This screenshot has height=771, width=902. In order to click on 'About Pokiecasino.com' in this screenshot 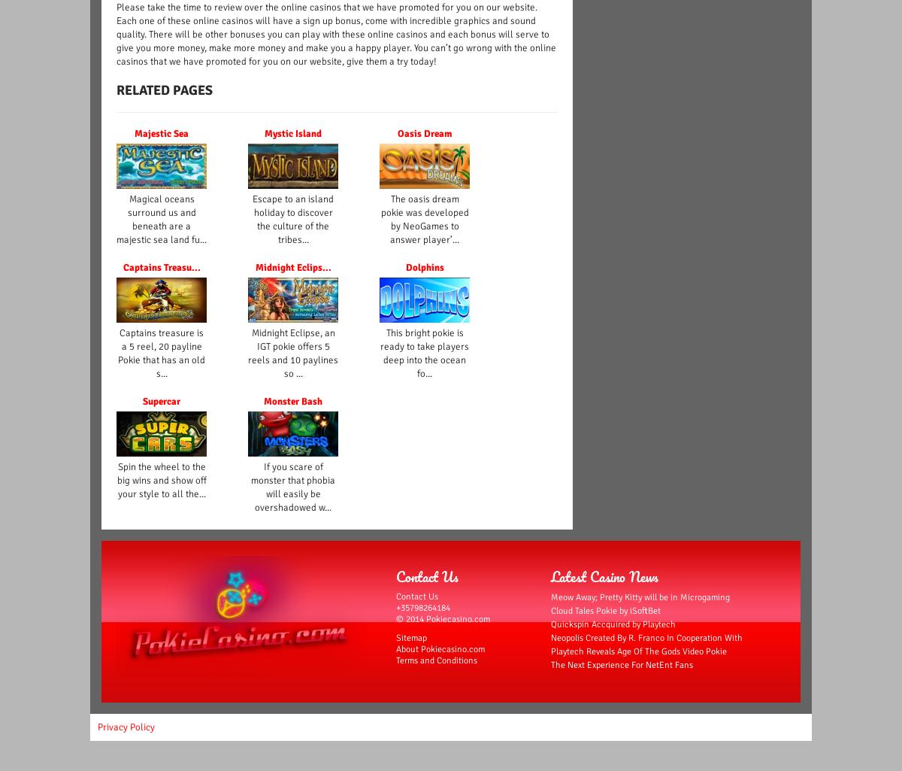, I will do `click(439, 649)`.